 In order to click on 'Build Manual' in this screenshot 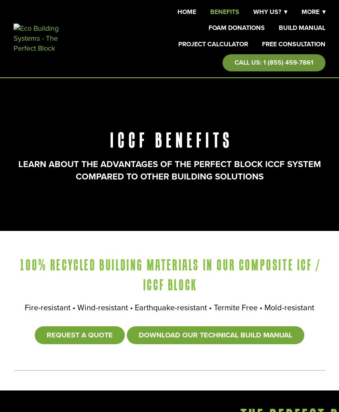, I will do `click(302, 28)`.